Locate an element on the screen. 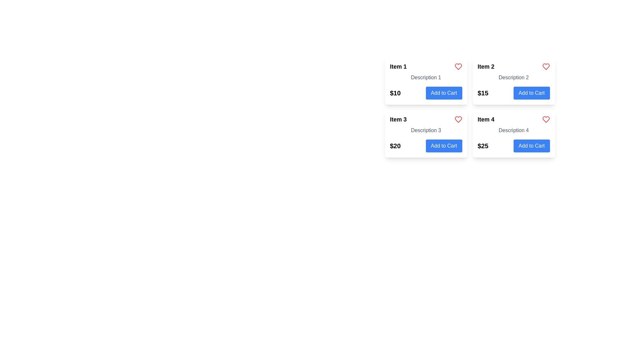 This screenshot has height=348, width=619. the secondary descriptive text label for 'Item 2' located beneath the main title text in the card labeled 'Item 2' is located at coordinates (513, 77).